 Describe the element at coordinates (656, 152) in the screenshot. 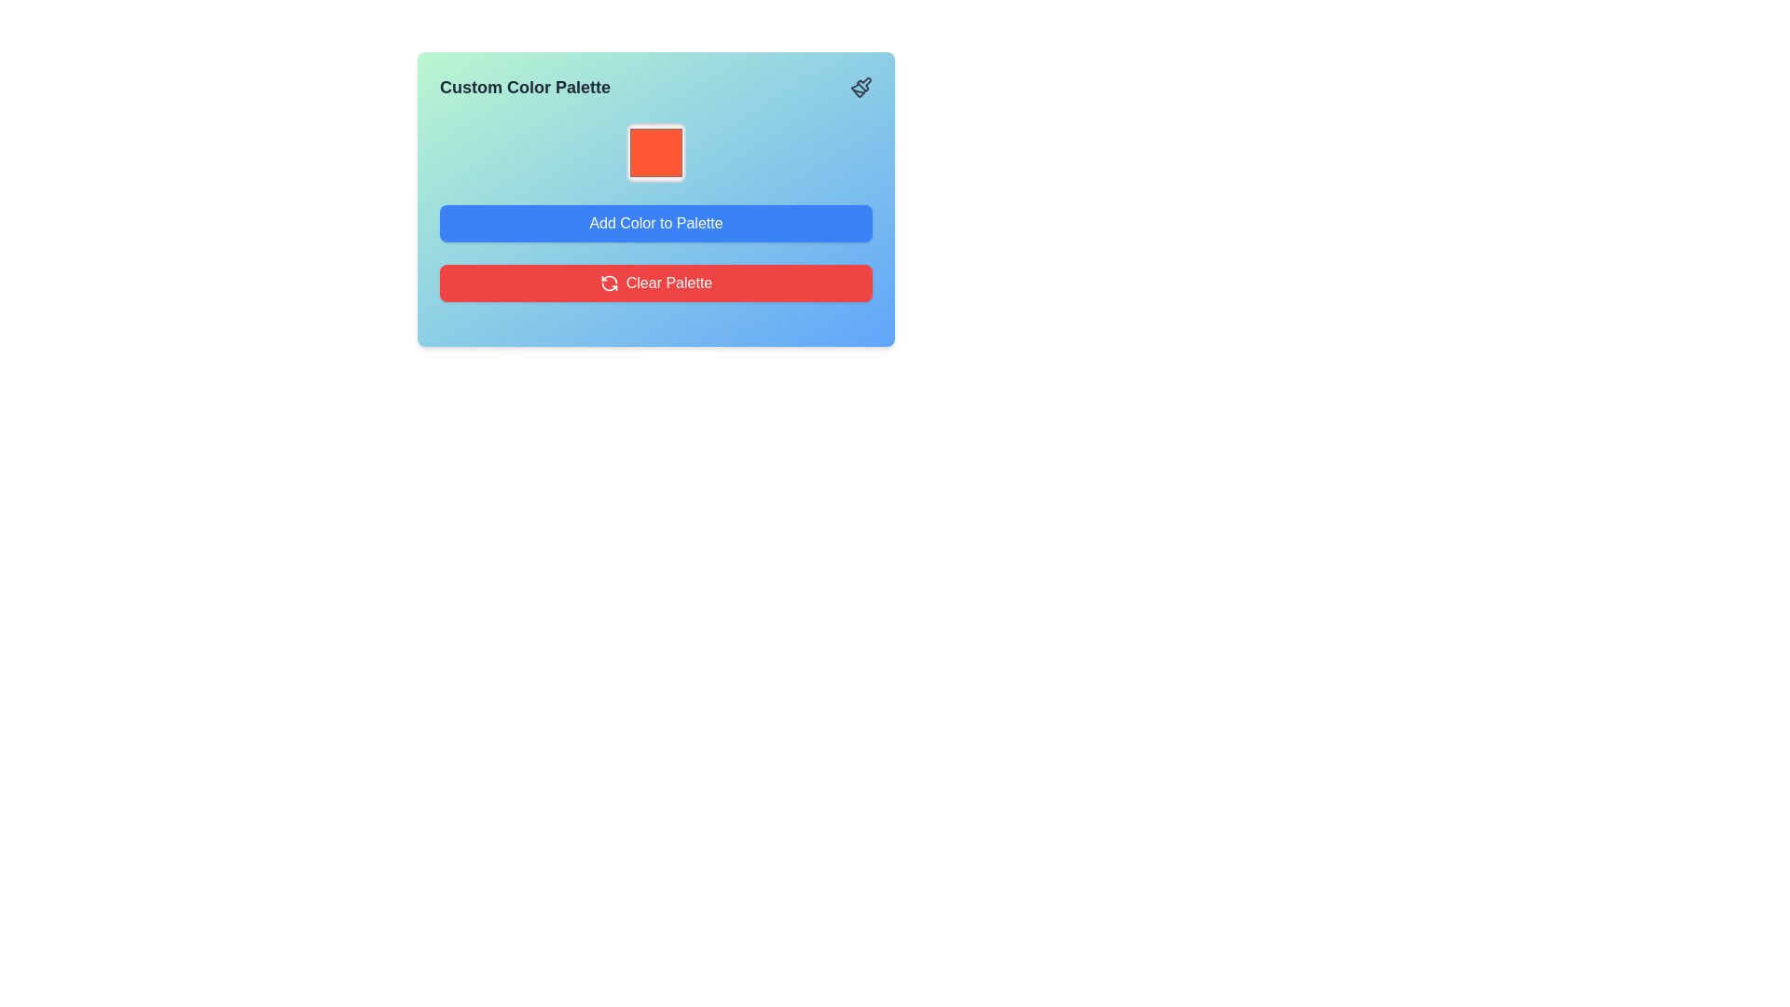

I see `the color picker element located in the 'Custom Color Palette' card` at that location.